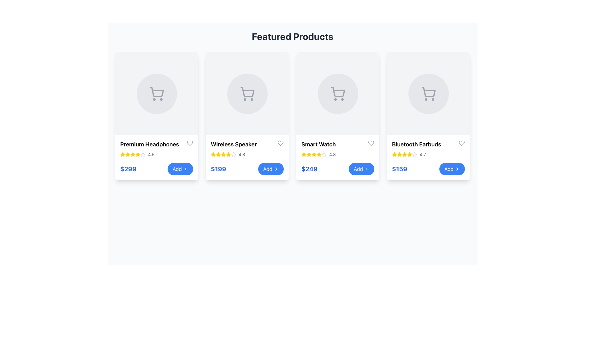 This screenshot has height=340, width=606. Describe the element at coordinates (337, 93) in the screenshot. I see `the shopping cart icon located in the center of the circular area of the 'Smart Watch' product card, which is the third card from the left in the featured products section` at that location.